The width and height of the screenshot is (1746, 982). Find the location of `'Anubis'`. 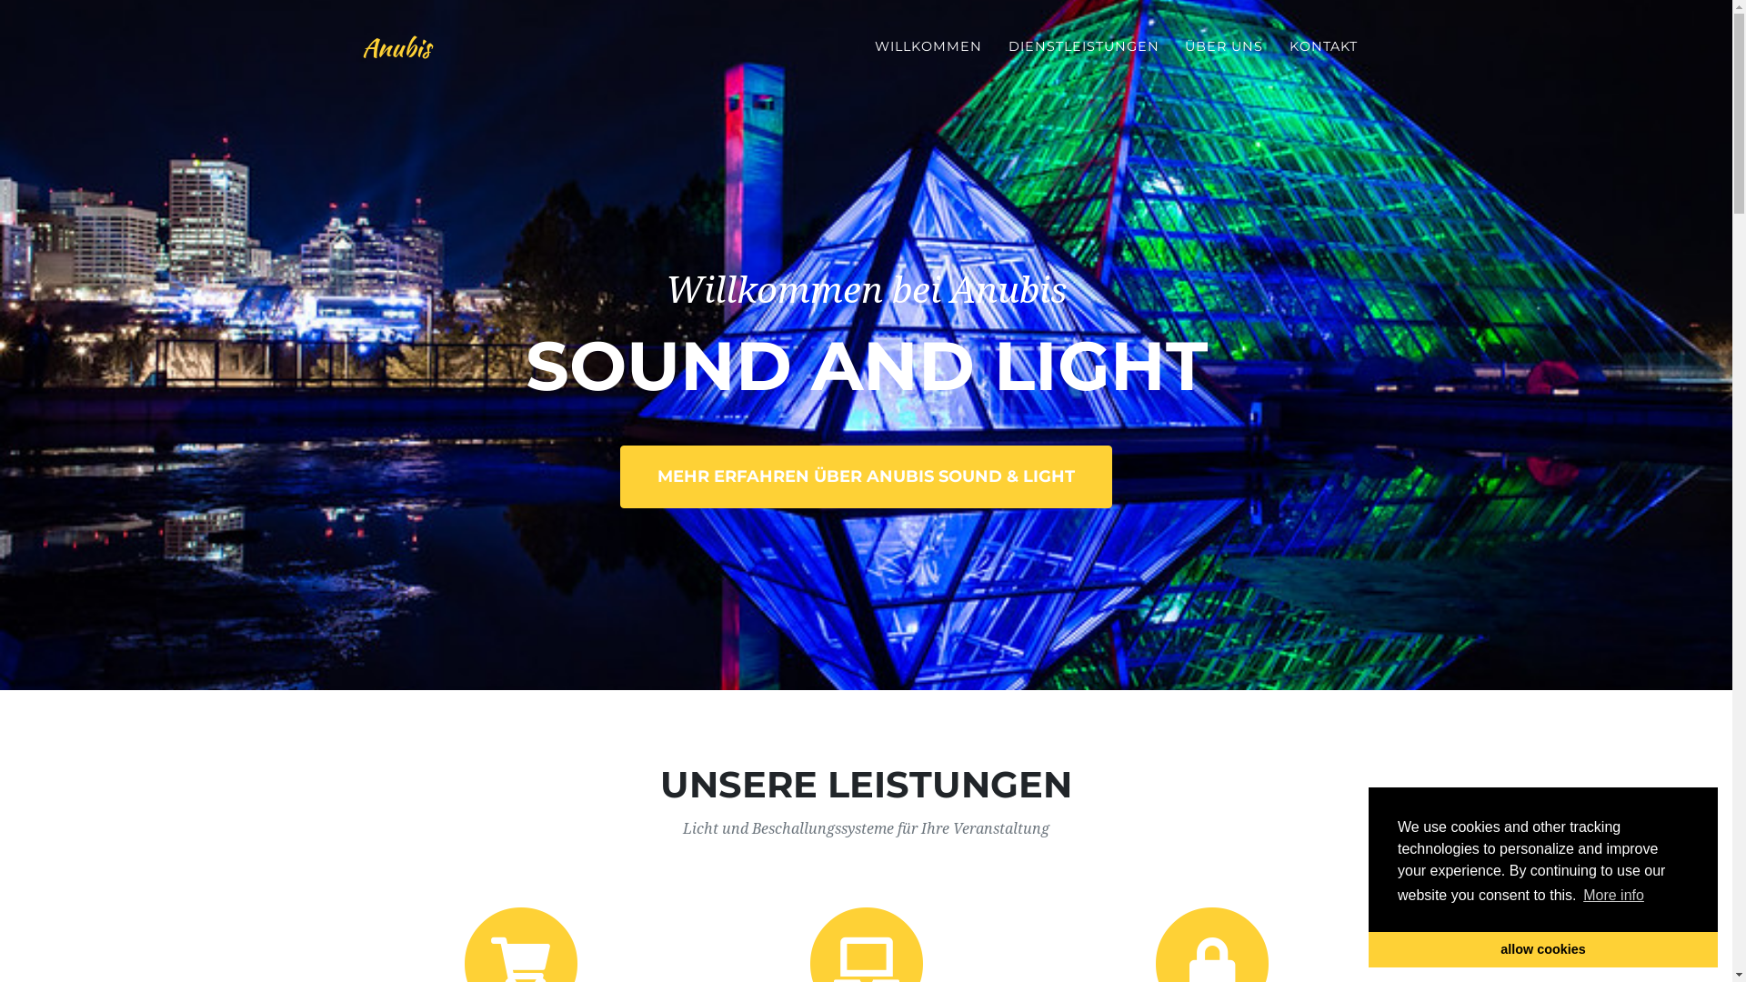

'Anubis' is located at coordinates (396, 45).